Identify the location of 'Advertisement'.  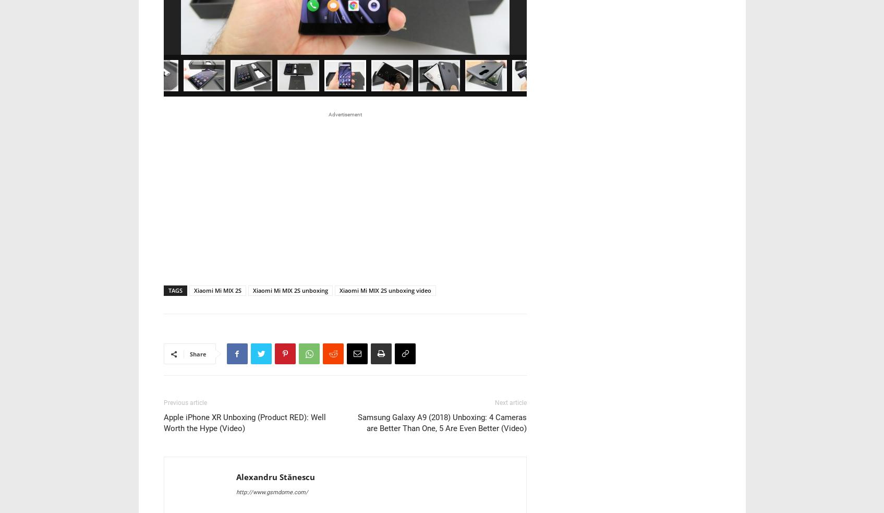
(345, 114).